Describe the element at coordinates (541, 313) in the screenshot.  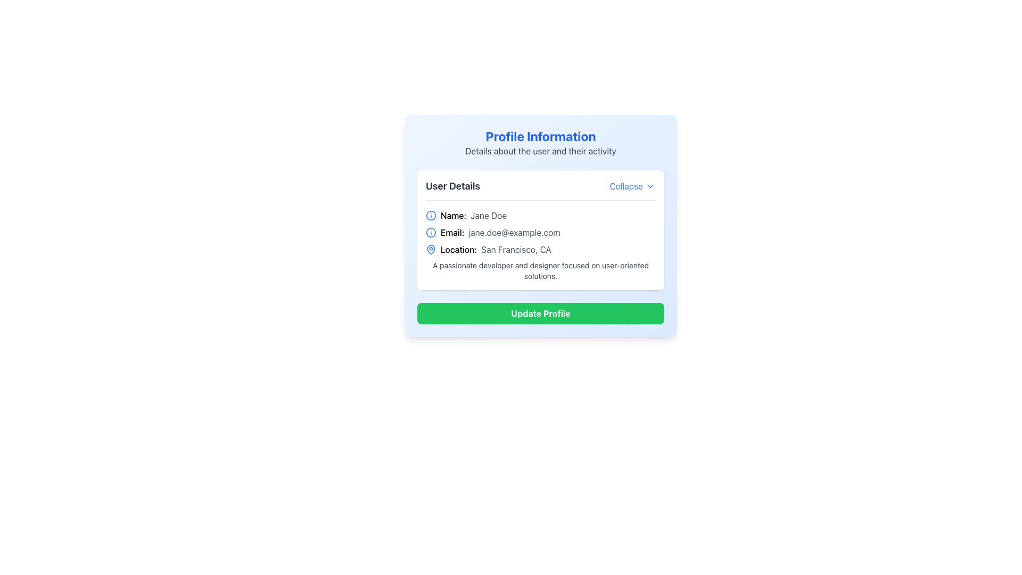
I see `the 'Update Profile' button, which is a green rectangular button with rounded corners and bold white text, located at the bottom of the user detail panel` at that location.